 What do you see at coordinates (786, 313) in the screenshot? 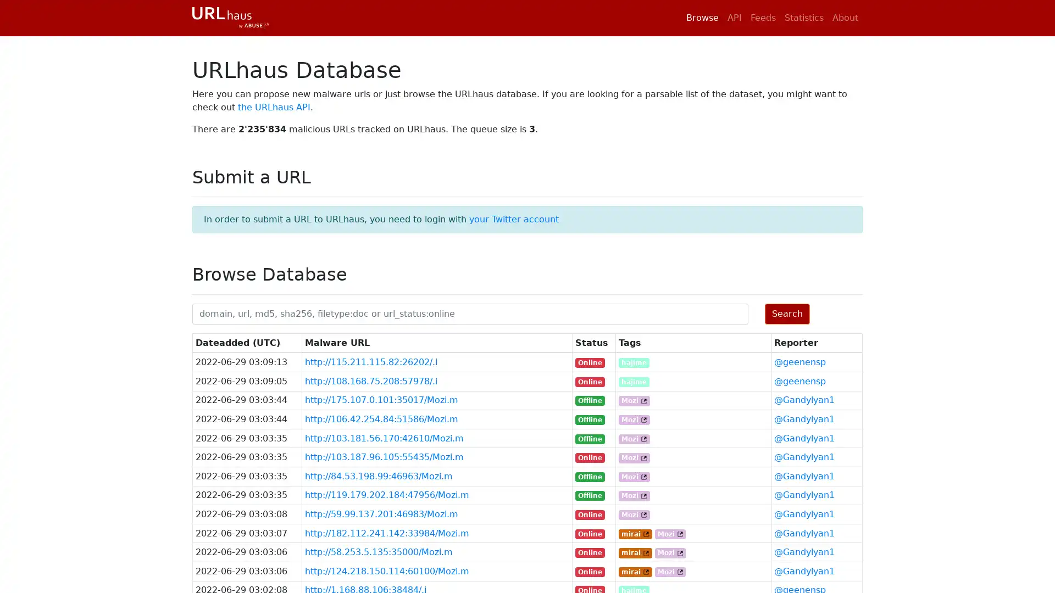
I see `Search` at bounding box center [786, 313].